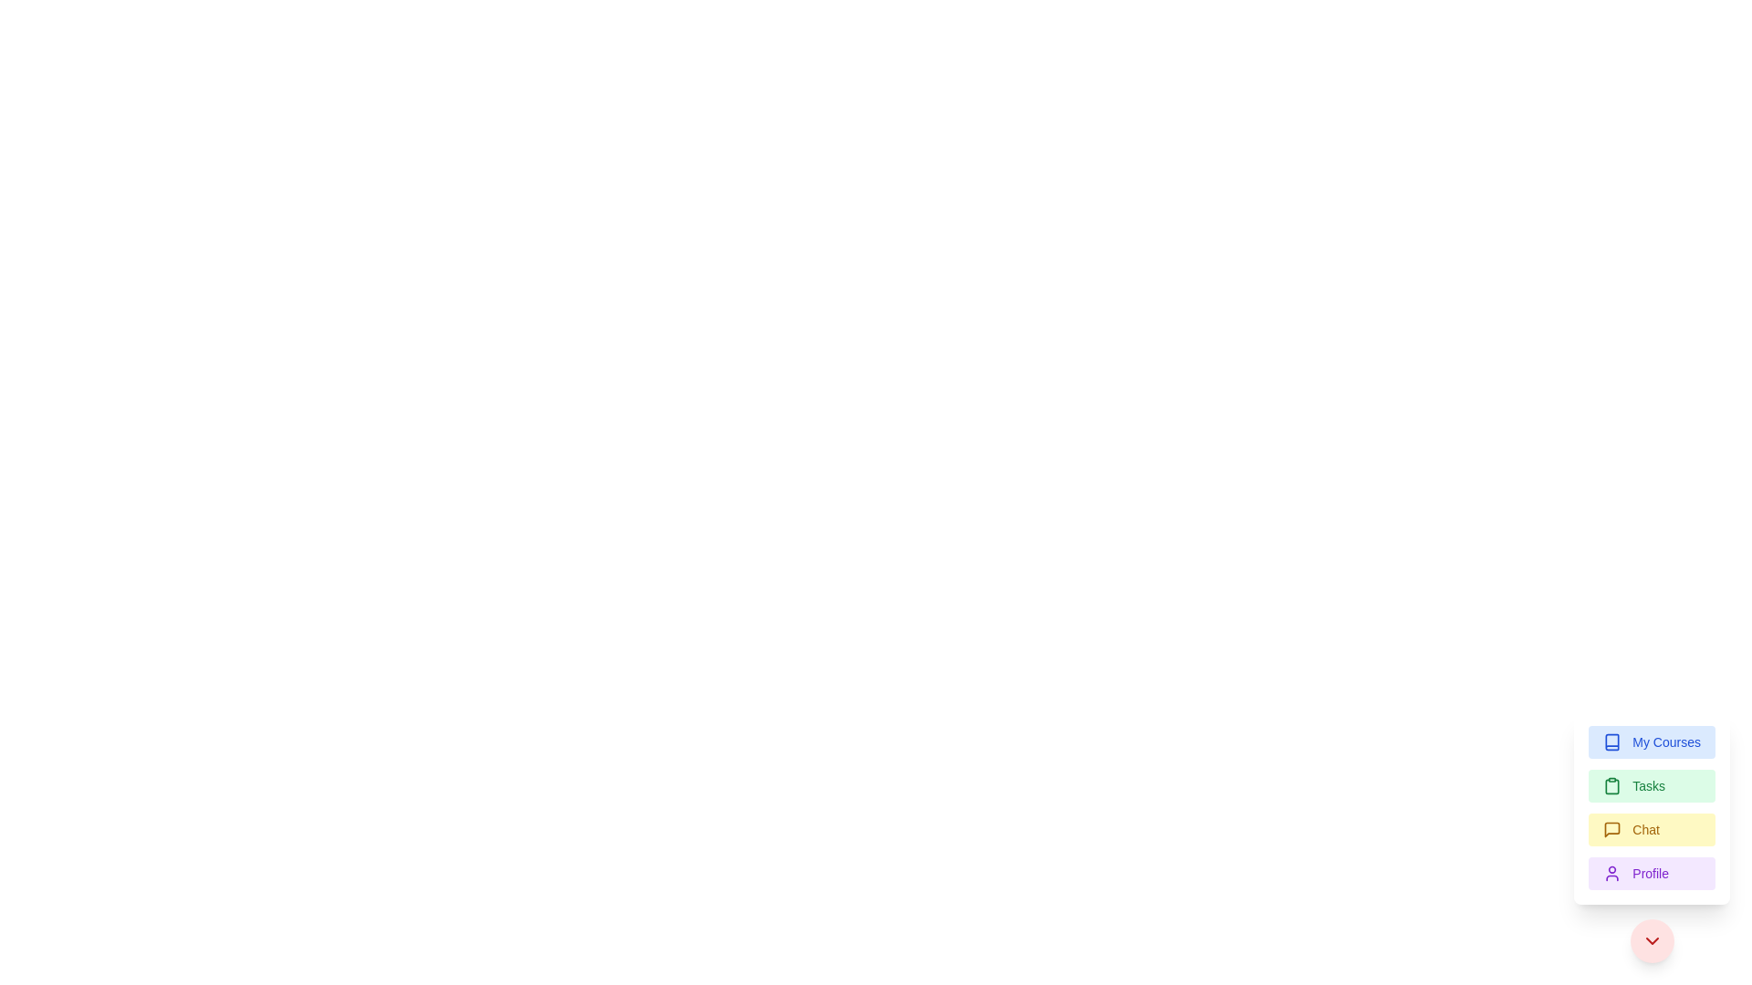 The width and height of the screenshot is (1752, 985). What do you see at coordinates (1612, 830) in the screenshot?
I see `the third icon in the vertically aligned list, which resembles a minimalistic chat bubble` at bounding box center [1612, 830].